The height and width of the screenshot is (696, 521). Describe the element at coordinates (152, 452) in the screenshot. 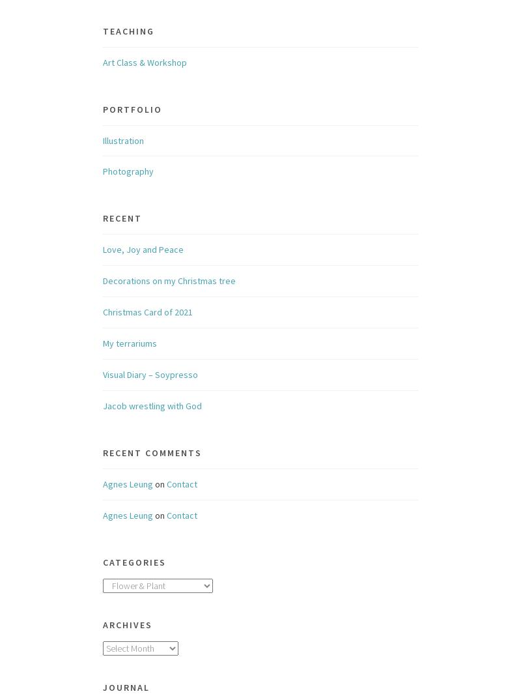

I see `'Recent Comments'` at that location.